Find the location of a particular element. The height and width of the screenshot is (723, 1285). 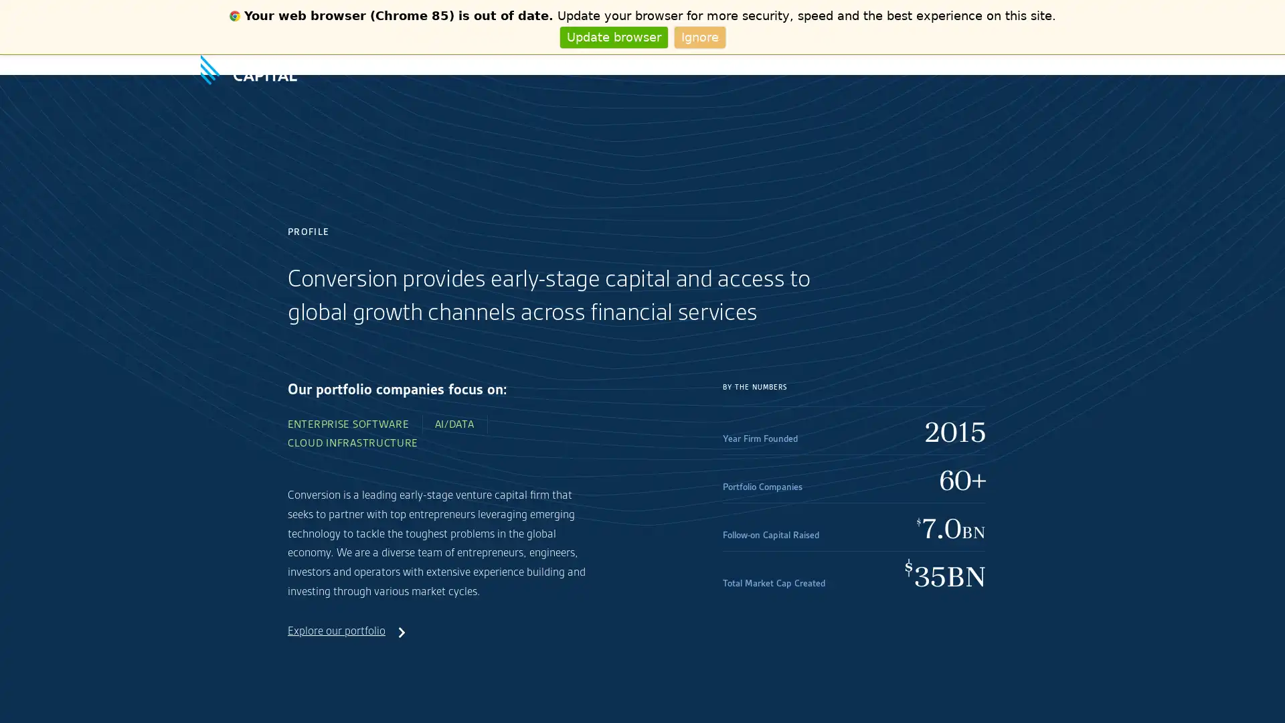

MENU is located at coordinates (1073, 64).